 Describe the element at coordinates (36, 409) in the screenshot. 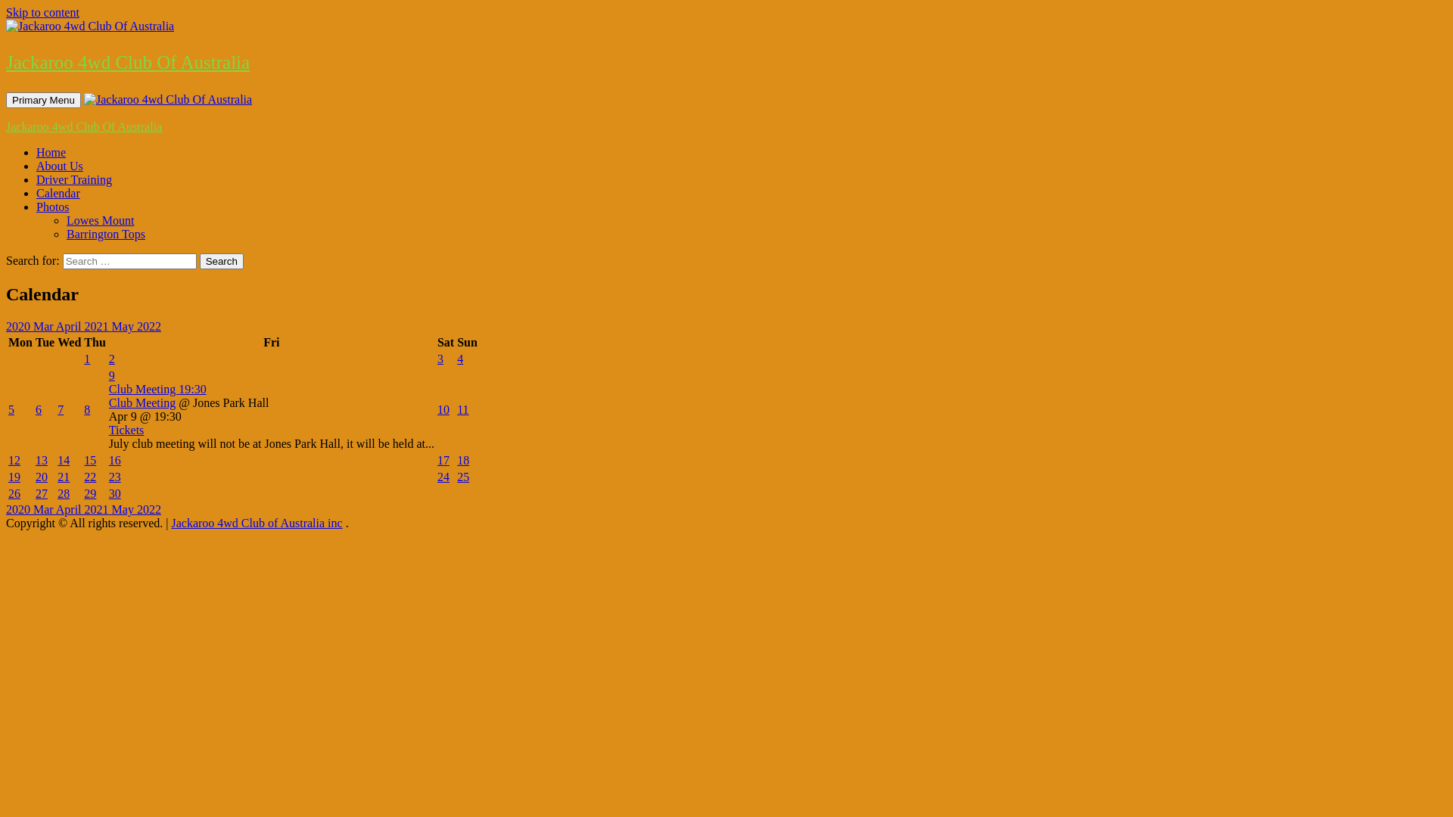

I see `'6'` at that location.